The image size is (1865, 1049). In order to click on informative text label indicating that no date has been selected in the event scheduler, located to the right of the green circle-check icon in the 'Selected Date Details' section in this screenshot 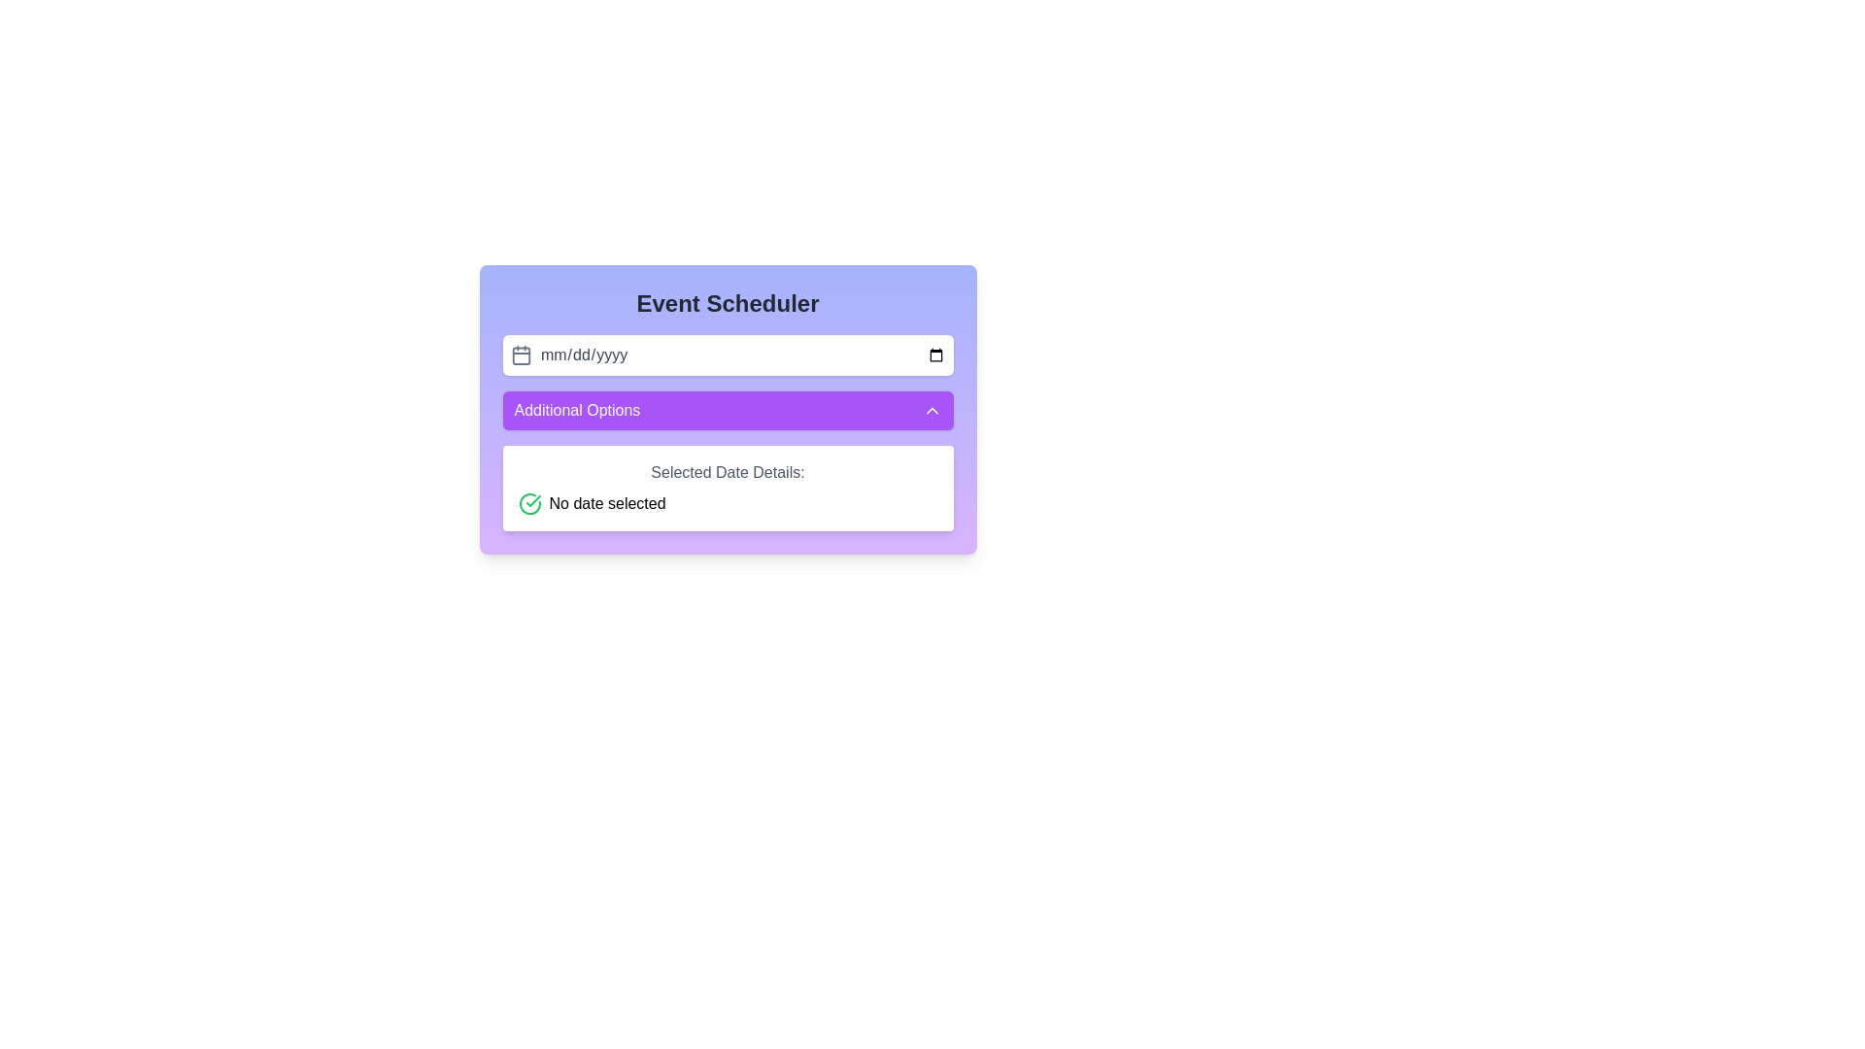, I will do `click(606, 503)`.